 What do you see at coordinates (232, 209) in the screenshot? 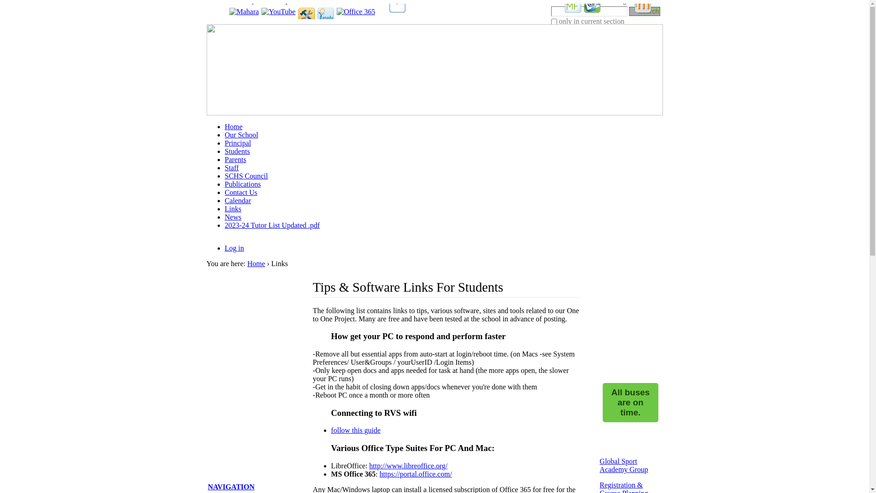
I see `'Links'` at bounding box center [232, 209].